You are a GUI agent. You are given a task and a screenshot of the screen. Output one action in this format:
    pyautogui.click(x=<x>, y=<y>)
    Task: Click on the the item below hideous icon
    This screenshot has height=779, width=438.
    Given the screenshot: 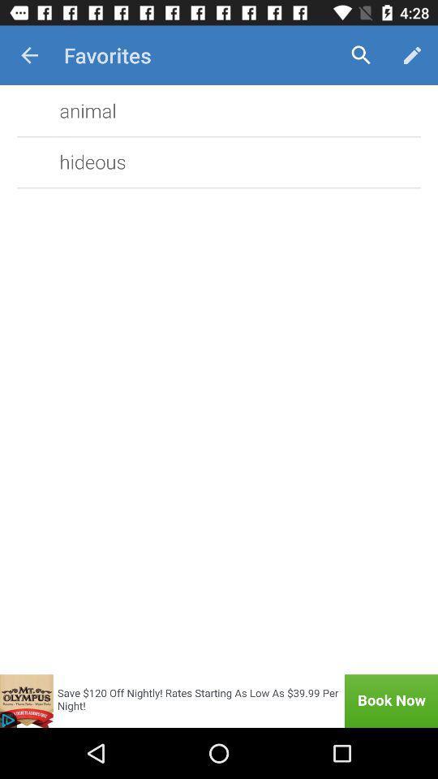 What is the action you would take?
    pyautogui.click(x=219, y=700)
    